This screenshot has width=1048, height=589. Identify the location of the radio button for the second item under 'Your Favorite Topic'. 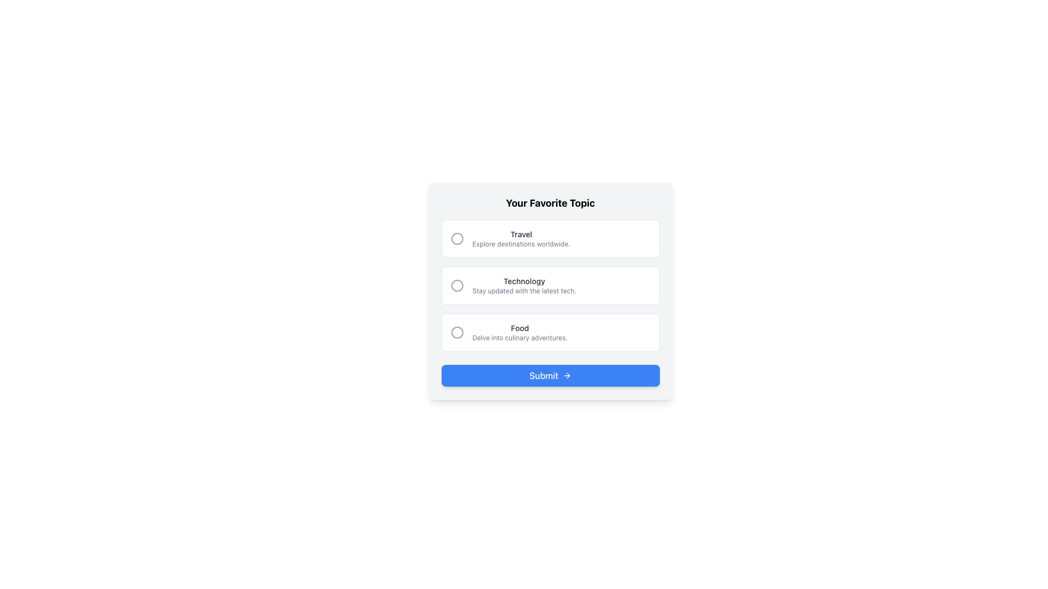
(457, 285).